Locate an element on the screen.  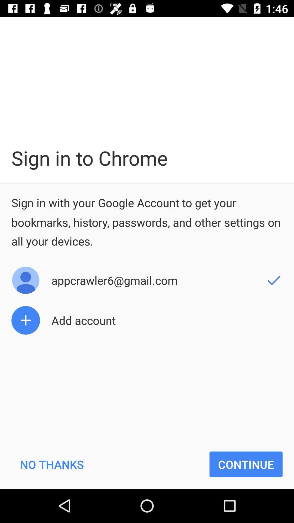
item at the bottom right corner is located at coordinates (246, 464).